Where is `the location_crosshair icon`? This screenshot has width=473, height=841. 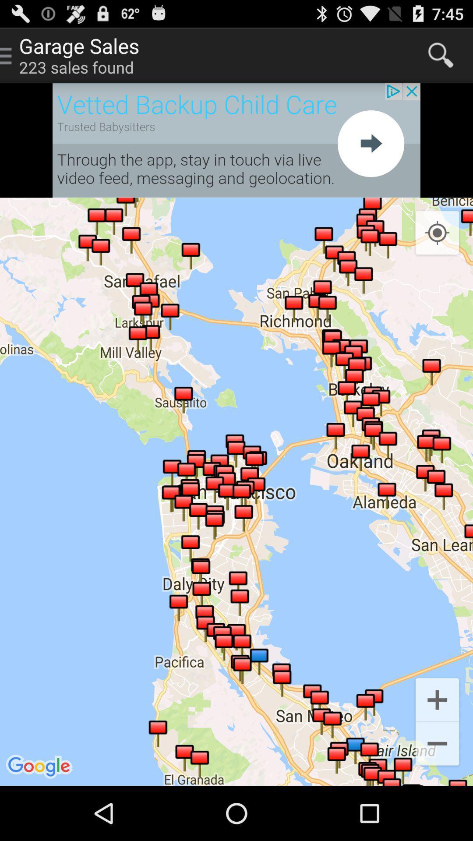
the location_crosshair icon is located at coordinates (437, 249).